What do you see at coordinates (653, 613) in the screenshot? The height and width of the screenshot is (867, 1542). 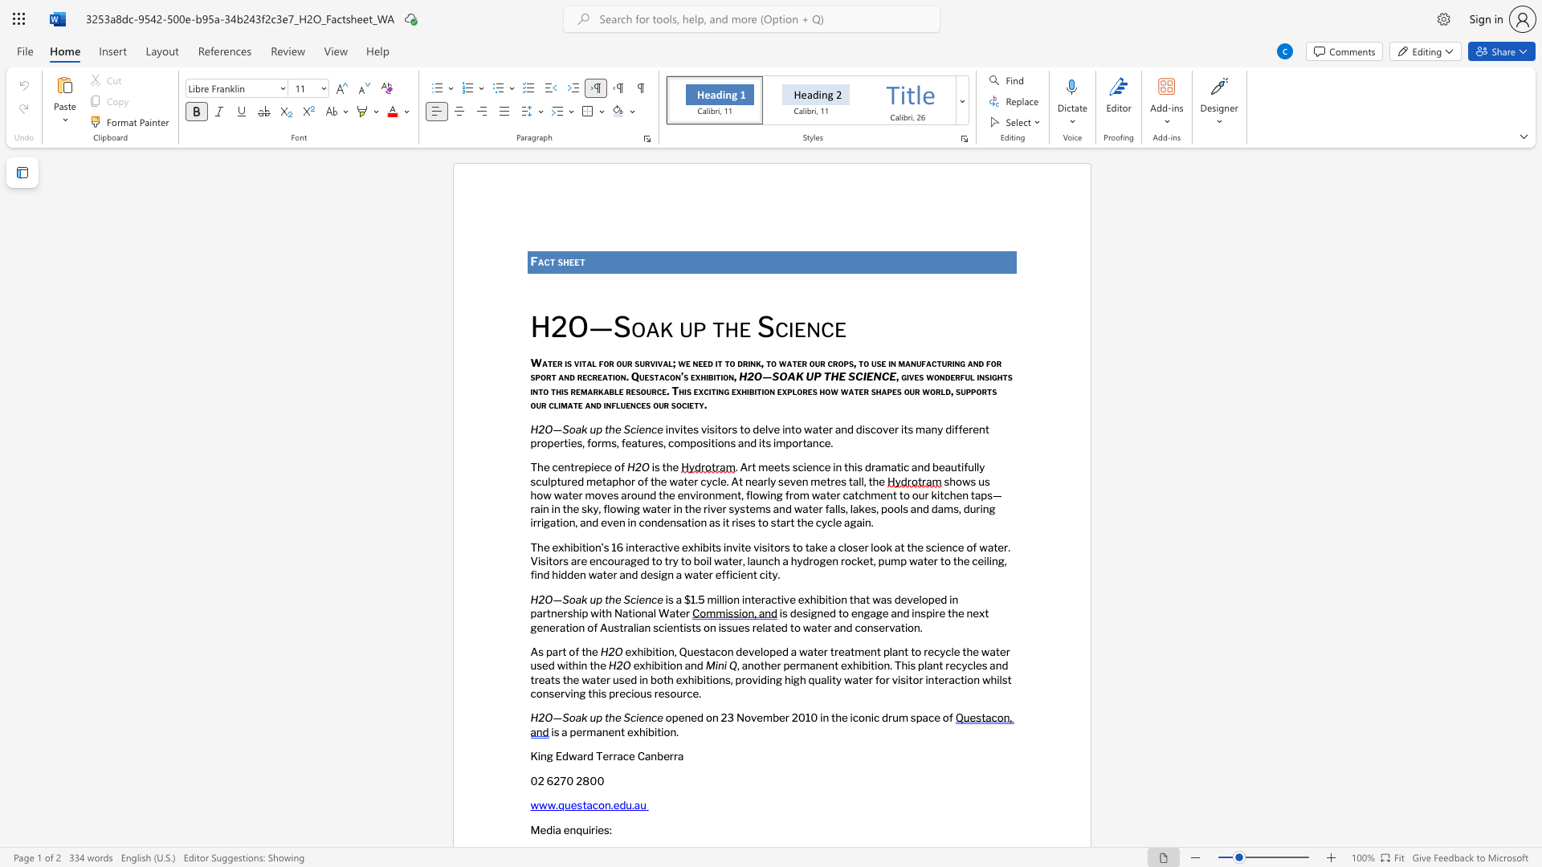 I see `the subset text "l Water" within the text "is a $1.5 million interactive exhibition that was developed in partnership with National Water"` at bounding box center [653, 613].